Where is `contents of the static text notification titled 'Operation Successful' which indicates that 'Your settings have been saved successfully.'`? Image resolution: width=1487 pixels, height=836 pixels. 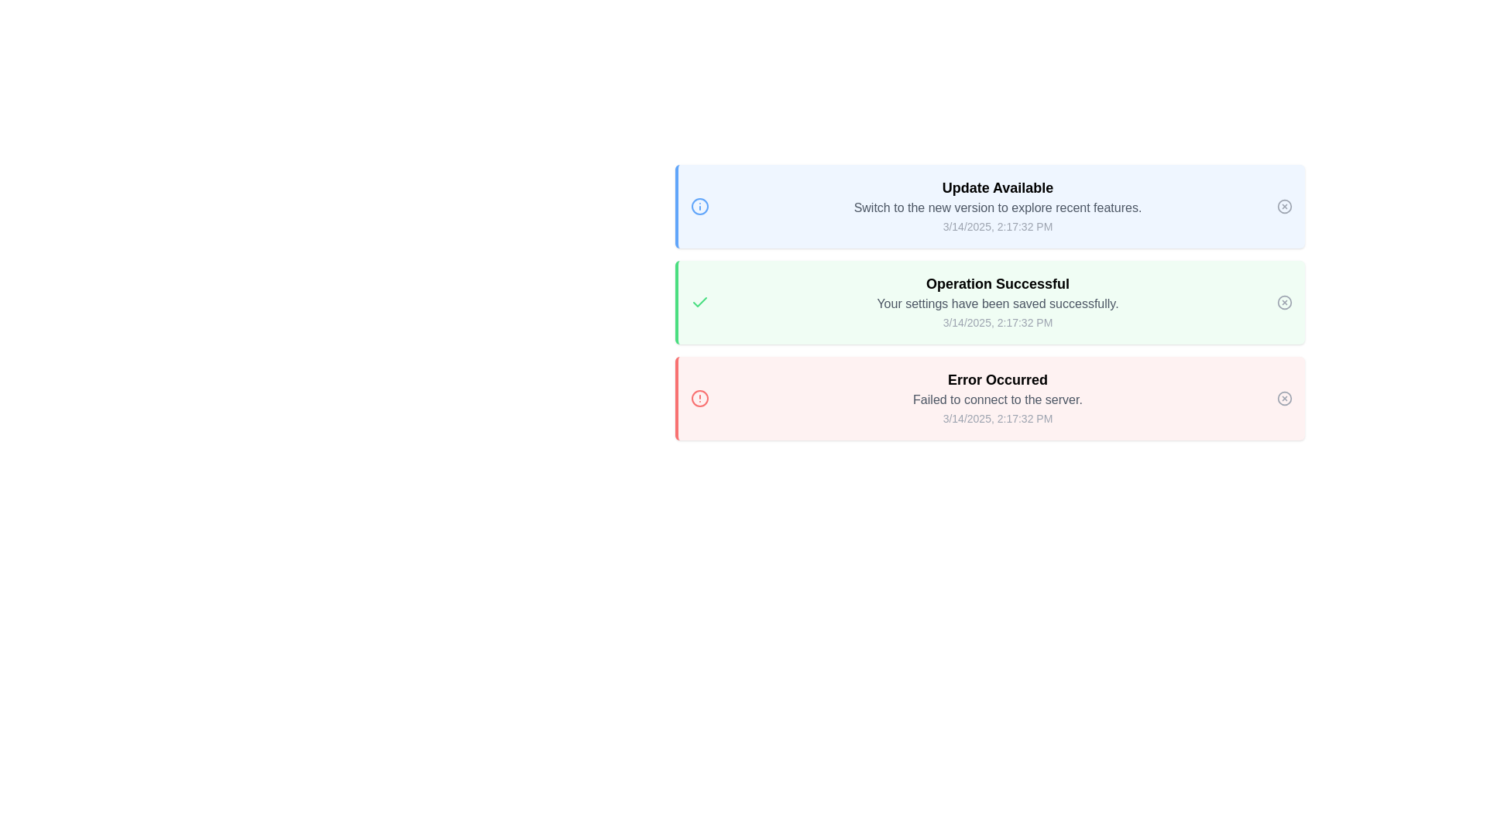 contents of the static text notification titled 'Operation Successful' which indicates that 'Your settings have been saved successfully.' is located at coordinates (998, 302).